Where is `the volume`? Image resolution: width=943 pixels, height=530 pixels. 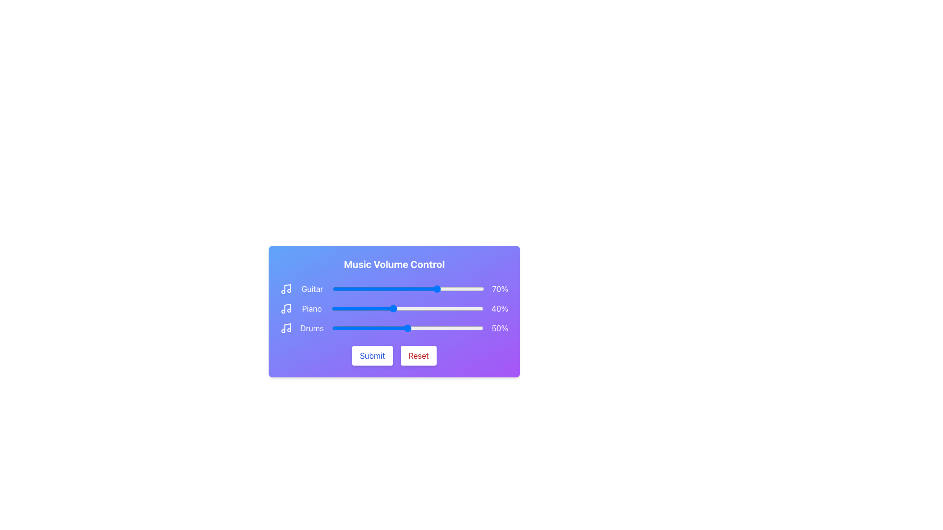 the volume is located at coordinates (408, 328).